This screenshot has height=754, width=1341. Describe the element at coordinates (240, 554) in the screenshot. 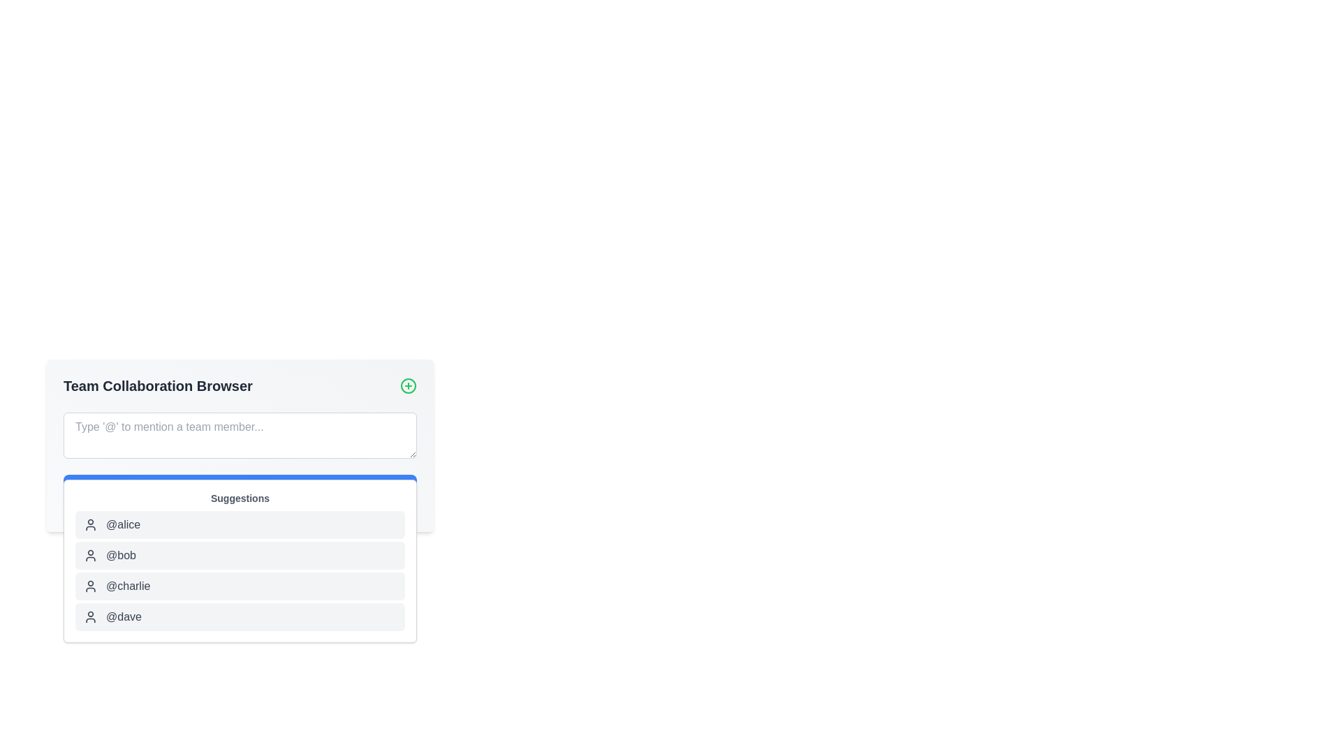

I see `the list item containing the user icon and text '@bob'` at that location.